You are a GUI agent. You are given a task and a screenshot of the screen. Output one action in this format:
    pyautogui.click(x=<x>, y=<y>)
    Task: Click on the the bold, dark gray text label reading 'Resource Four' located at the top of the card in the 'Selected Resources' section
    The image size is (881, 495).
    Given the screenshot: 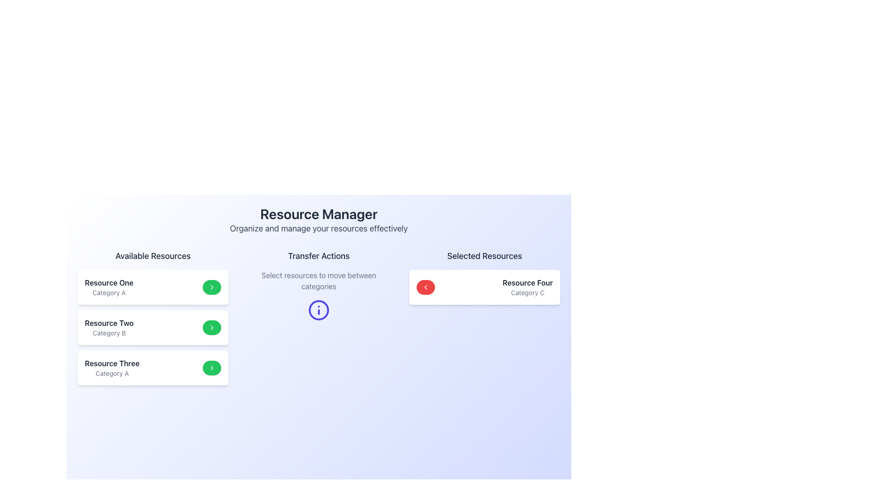 What is the action you would take?
    pyautogui.click(x=528, y=282)
    